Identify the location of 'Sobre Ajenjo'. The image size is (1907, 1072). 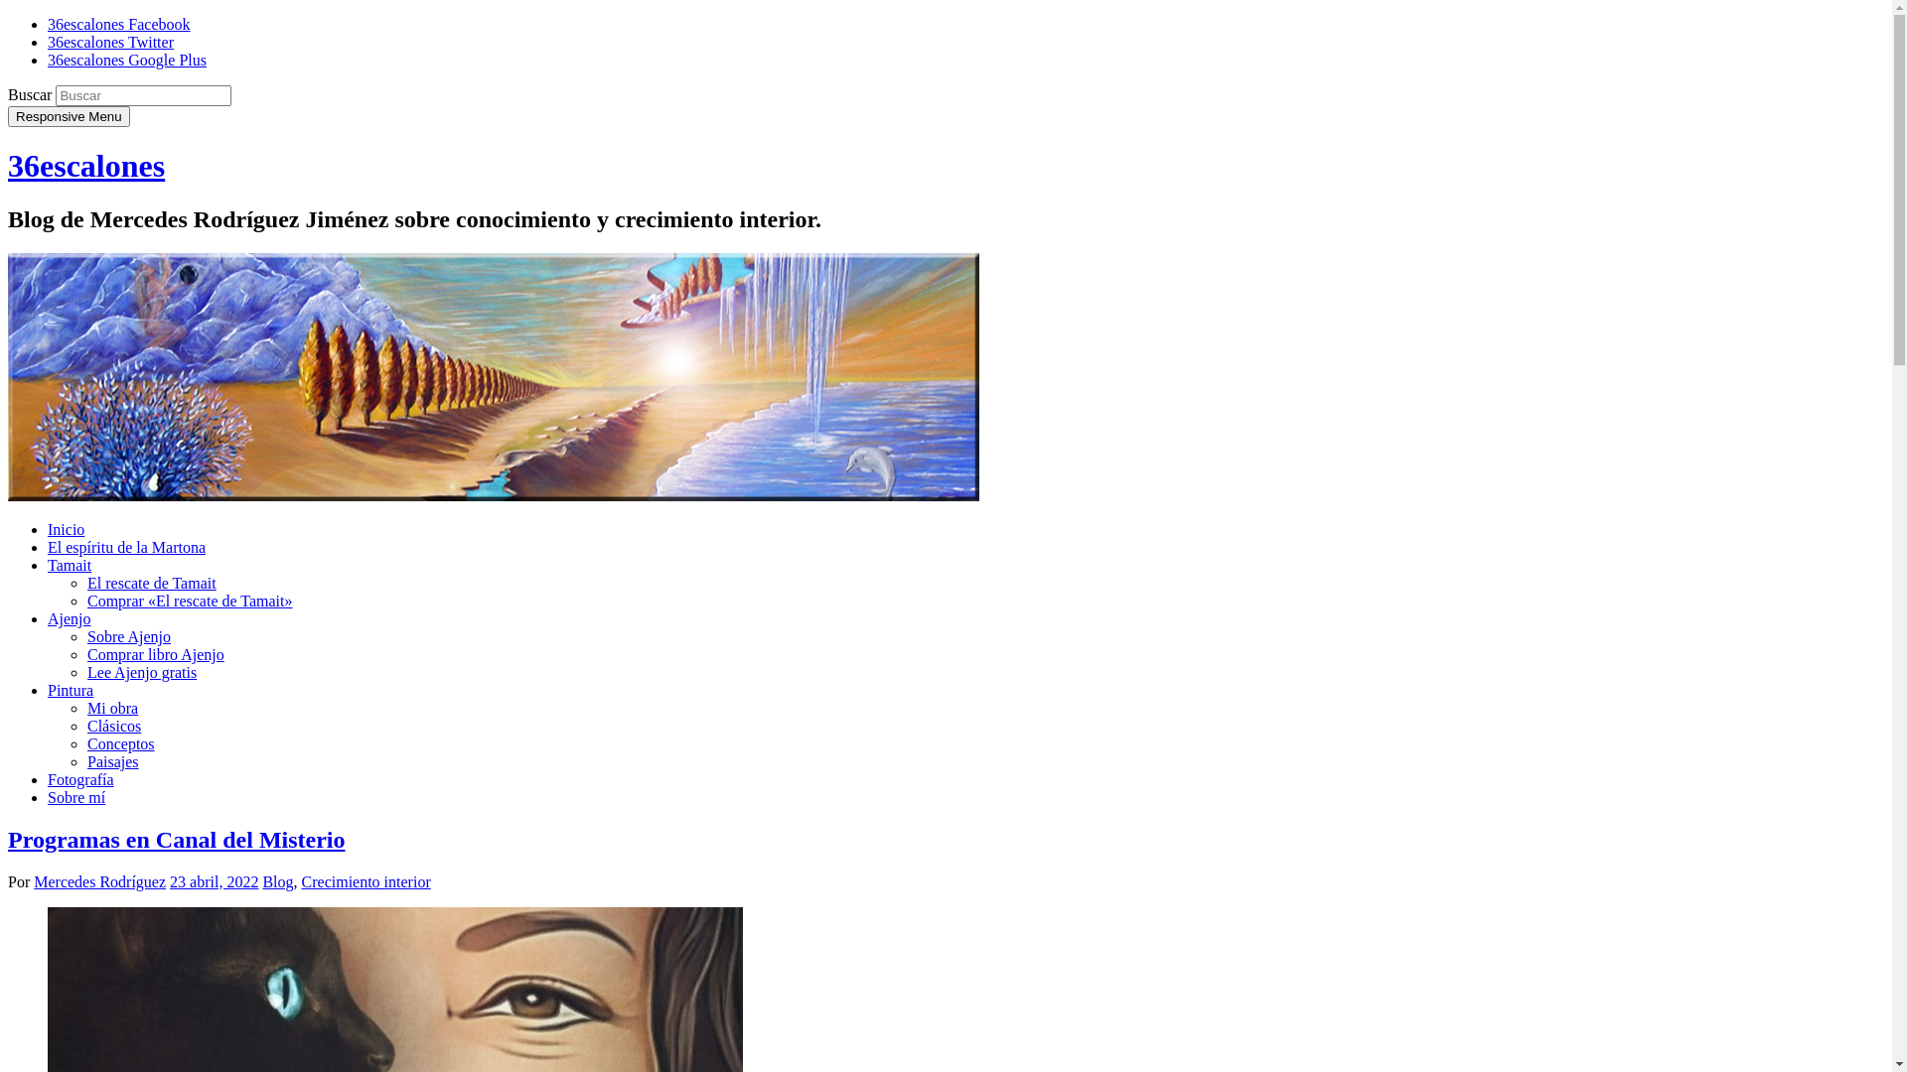
(127, 636).